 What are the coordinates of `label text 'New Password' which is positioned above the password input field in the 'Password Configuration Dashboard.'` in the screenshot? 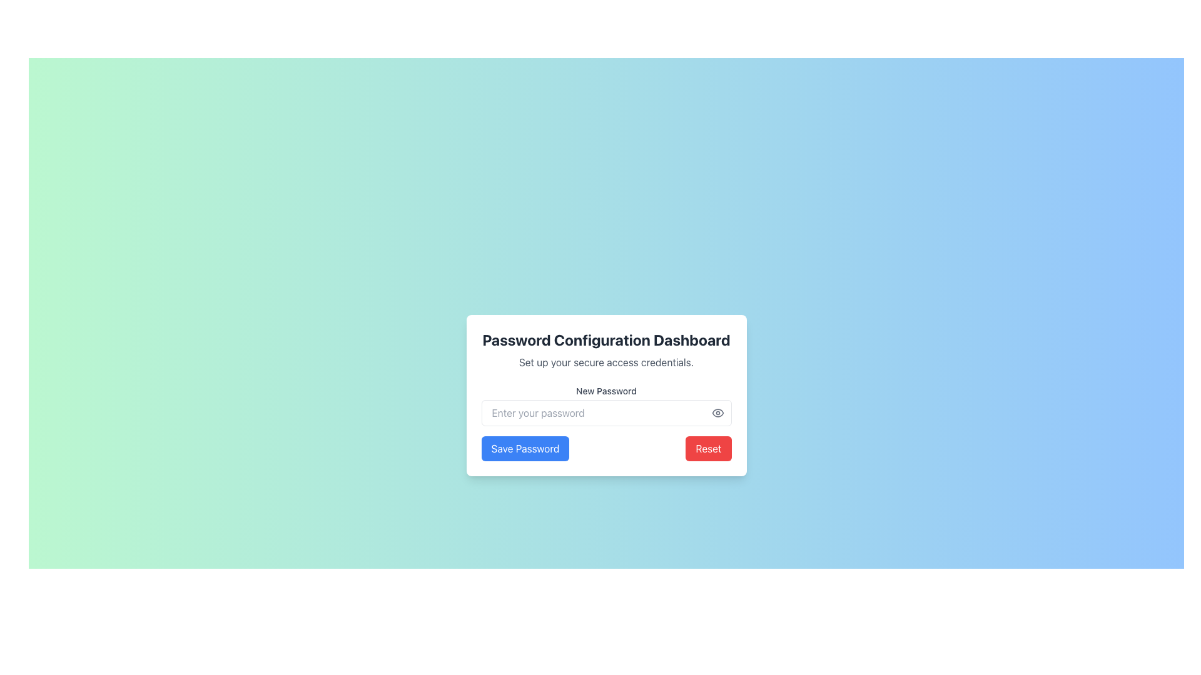 It's located at (606, 390).